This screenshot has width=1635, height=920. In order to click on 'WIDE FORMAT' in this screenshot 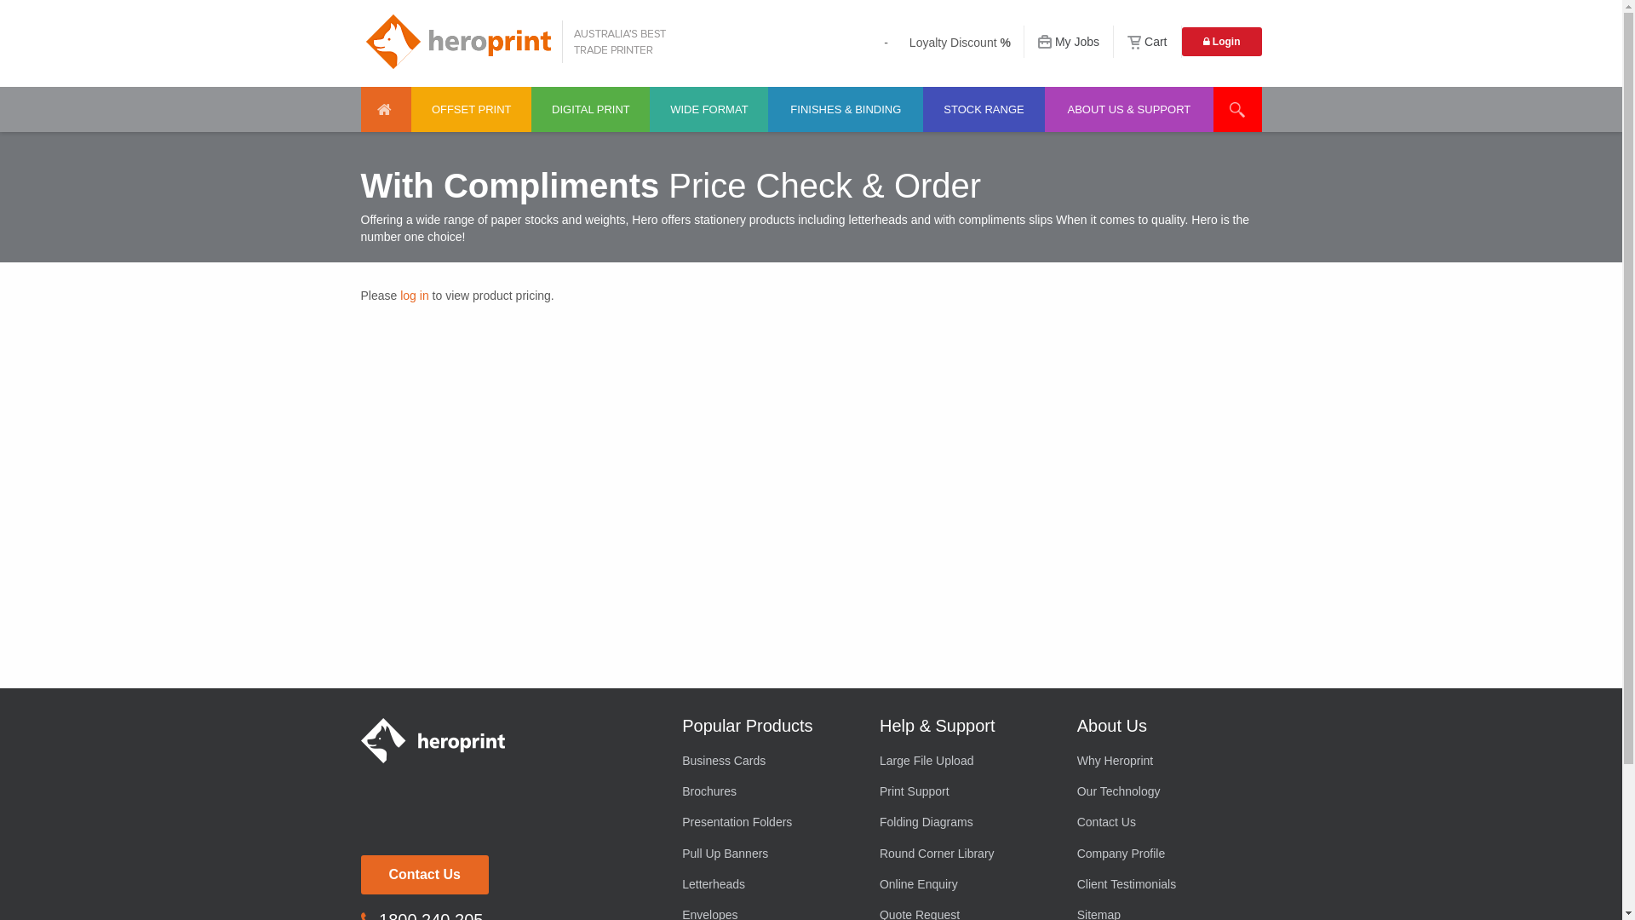, I will do `click(649, 108)`.